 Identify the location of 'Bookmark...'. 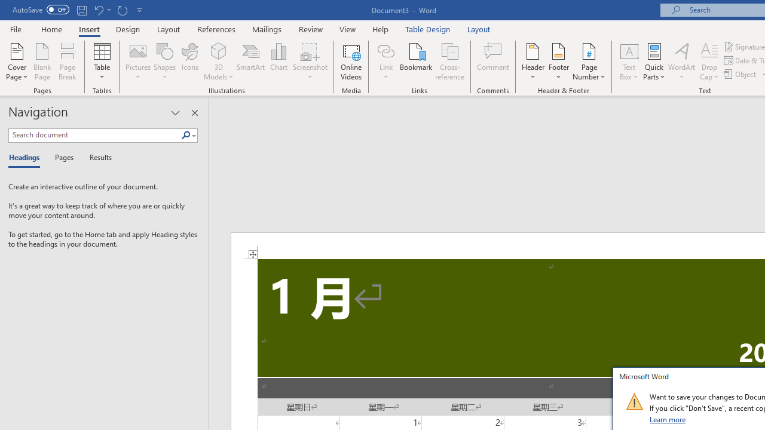
(416, 62).